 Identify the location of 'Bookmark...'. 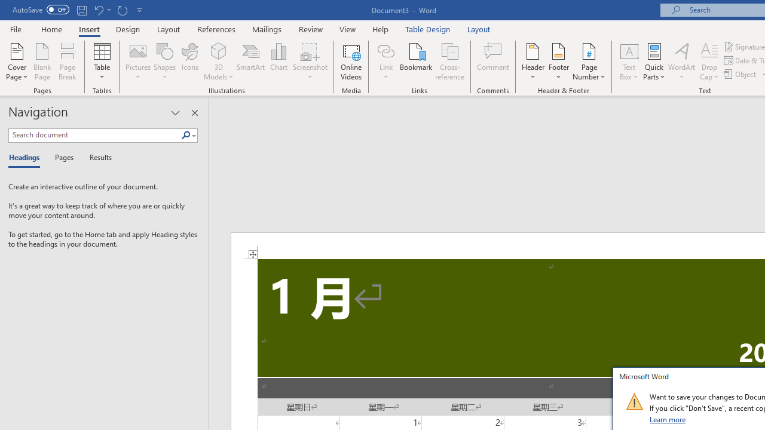
(416, 62).